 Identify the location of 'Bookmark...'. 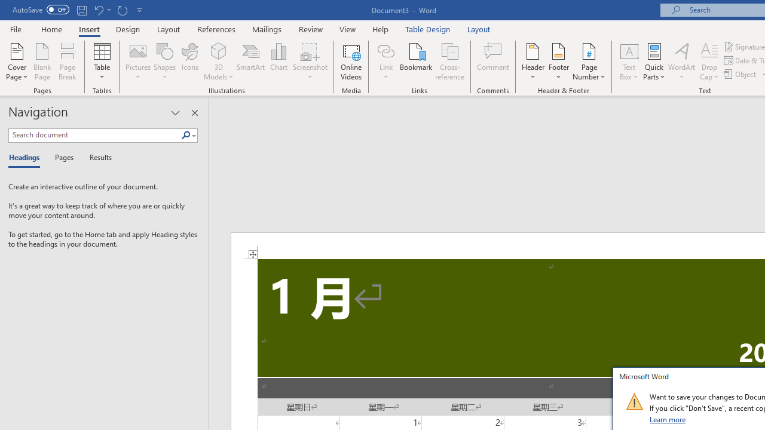
(416, 62).